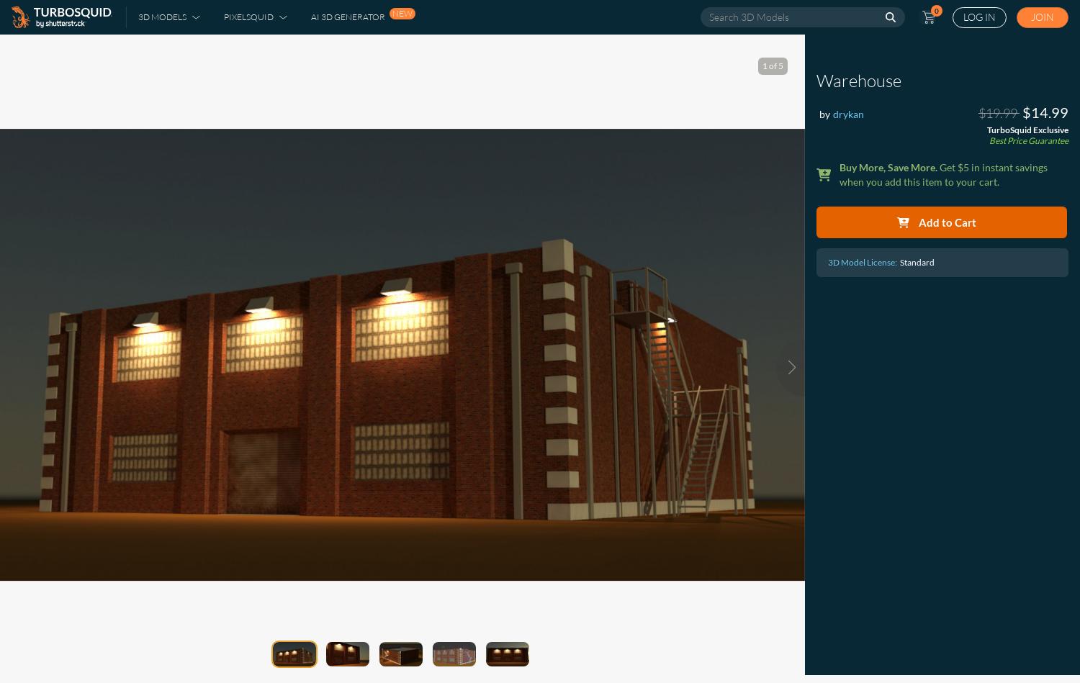  I want to click on 'Warehouse', so click(858, 80).